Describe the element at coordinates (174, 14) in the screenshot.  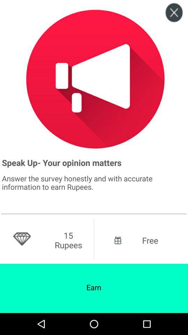
I see `the close icon` at that location.